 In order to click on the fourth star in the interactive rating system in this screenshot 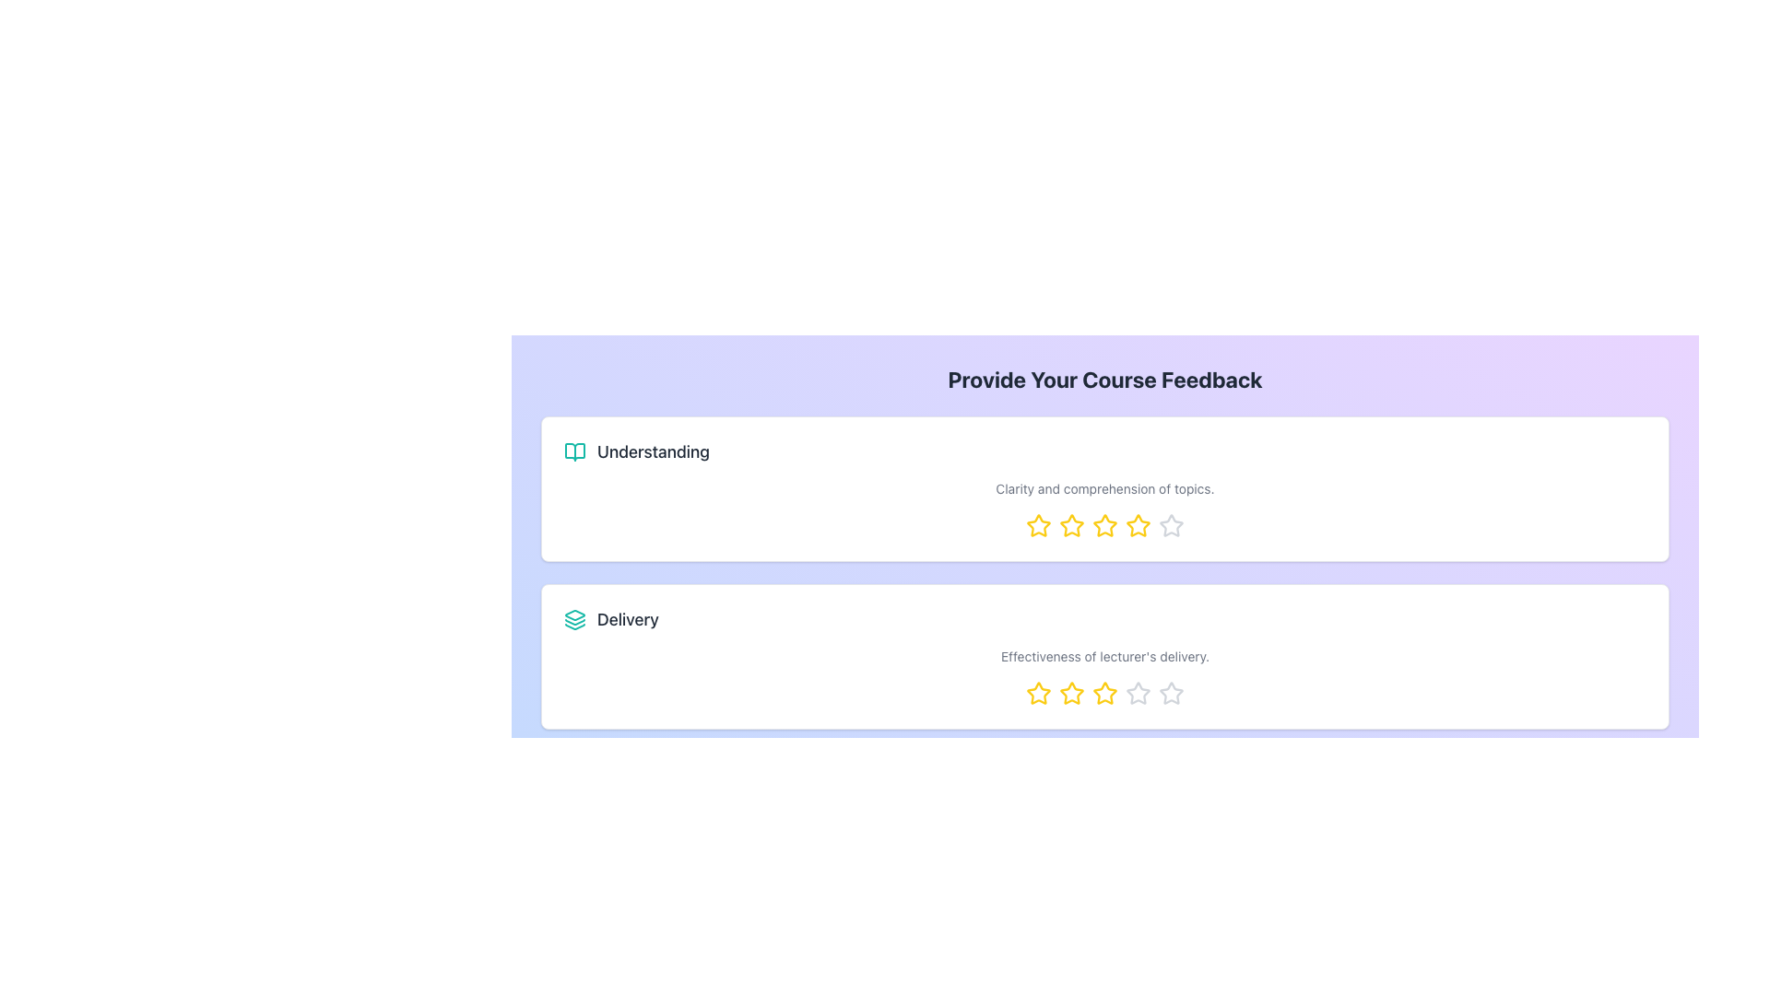, I will do `click(1105, 693)`.